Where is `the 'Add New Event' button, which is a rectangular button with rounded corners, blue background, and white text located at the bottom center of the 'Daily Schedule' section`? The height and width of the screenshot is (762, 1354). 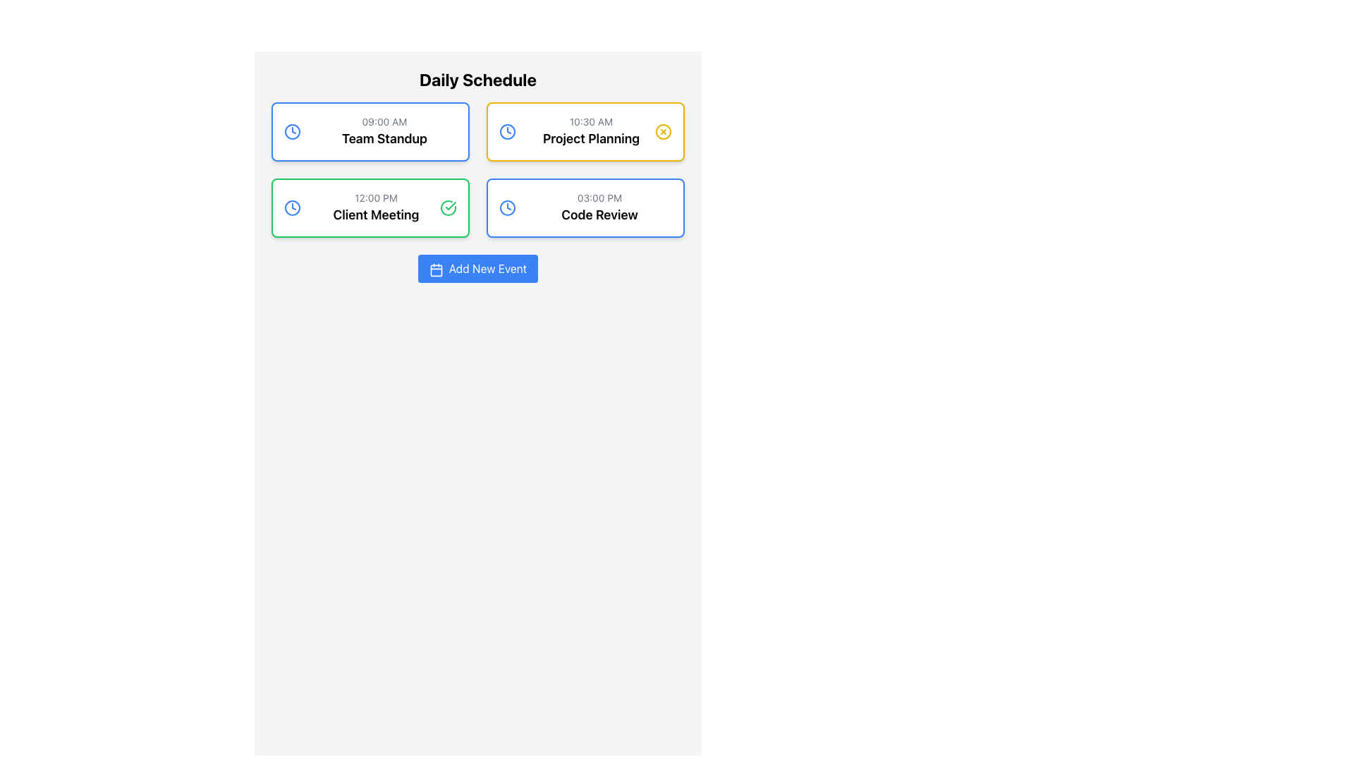
the 'Add New Event' button, which is a rectangular button with rounded corners, blue background, and white text located at the bottom center of the 'Daily Schedule' section is located at coordinates (477, 269).